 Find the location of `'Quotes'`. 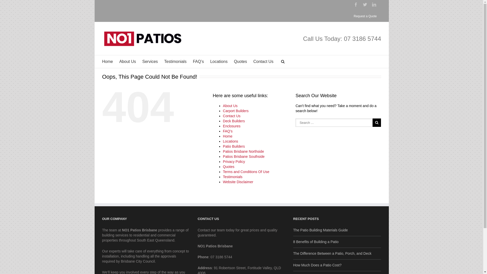

'Quotes' is located at coordinates (228, 166).